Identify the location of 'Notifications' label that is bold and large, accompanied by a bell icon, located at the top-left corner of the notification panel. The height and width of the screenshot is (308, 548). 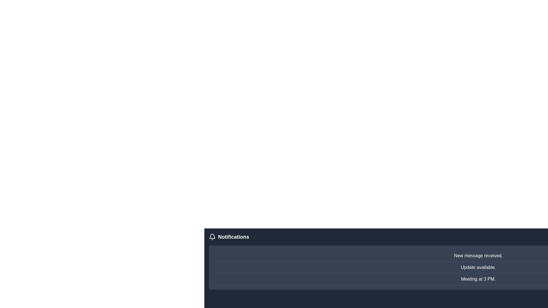
(229, 237).